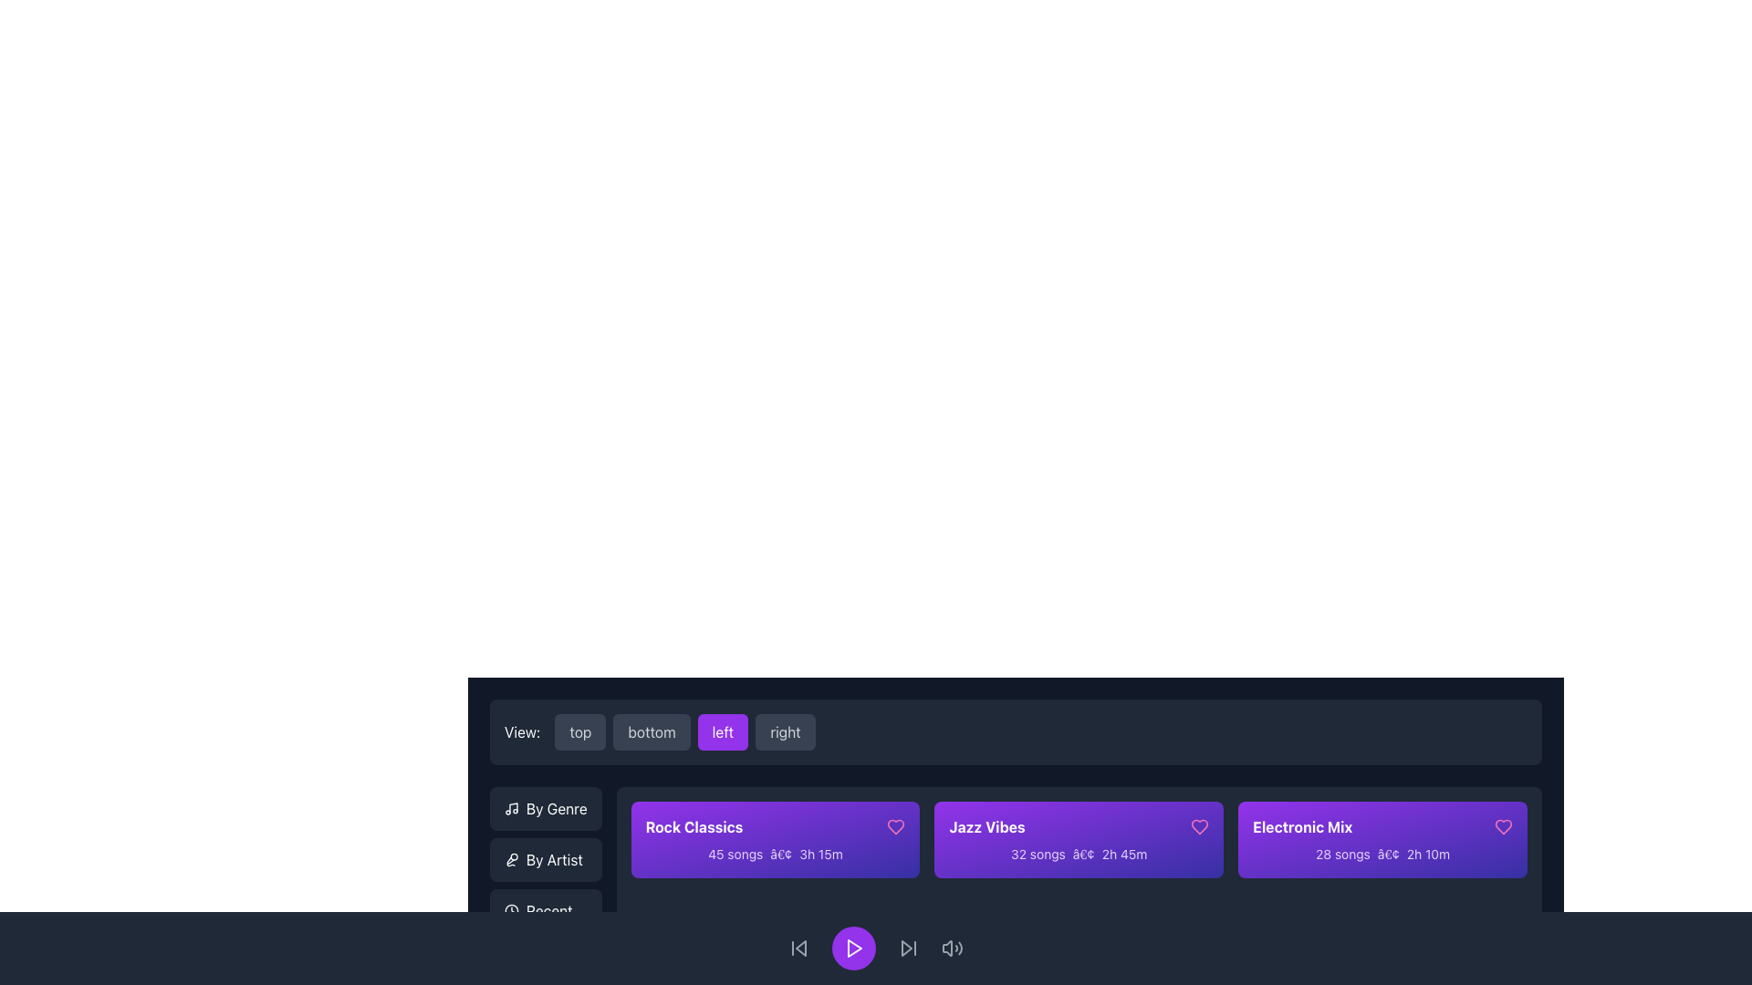 The height and width of the screenshot is (985, 1752). What do you see at coordinates (906, 948) in the screenshot?
I see `the visual design of the skip-forward graphical icon located in the circular button in the bottom control panel of the application interface` at bounding box center [906, 948].